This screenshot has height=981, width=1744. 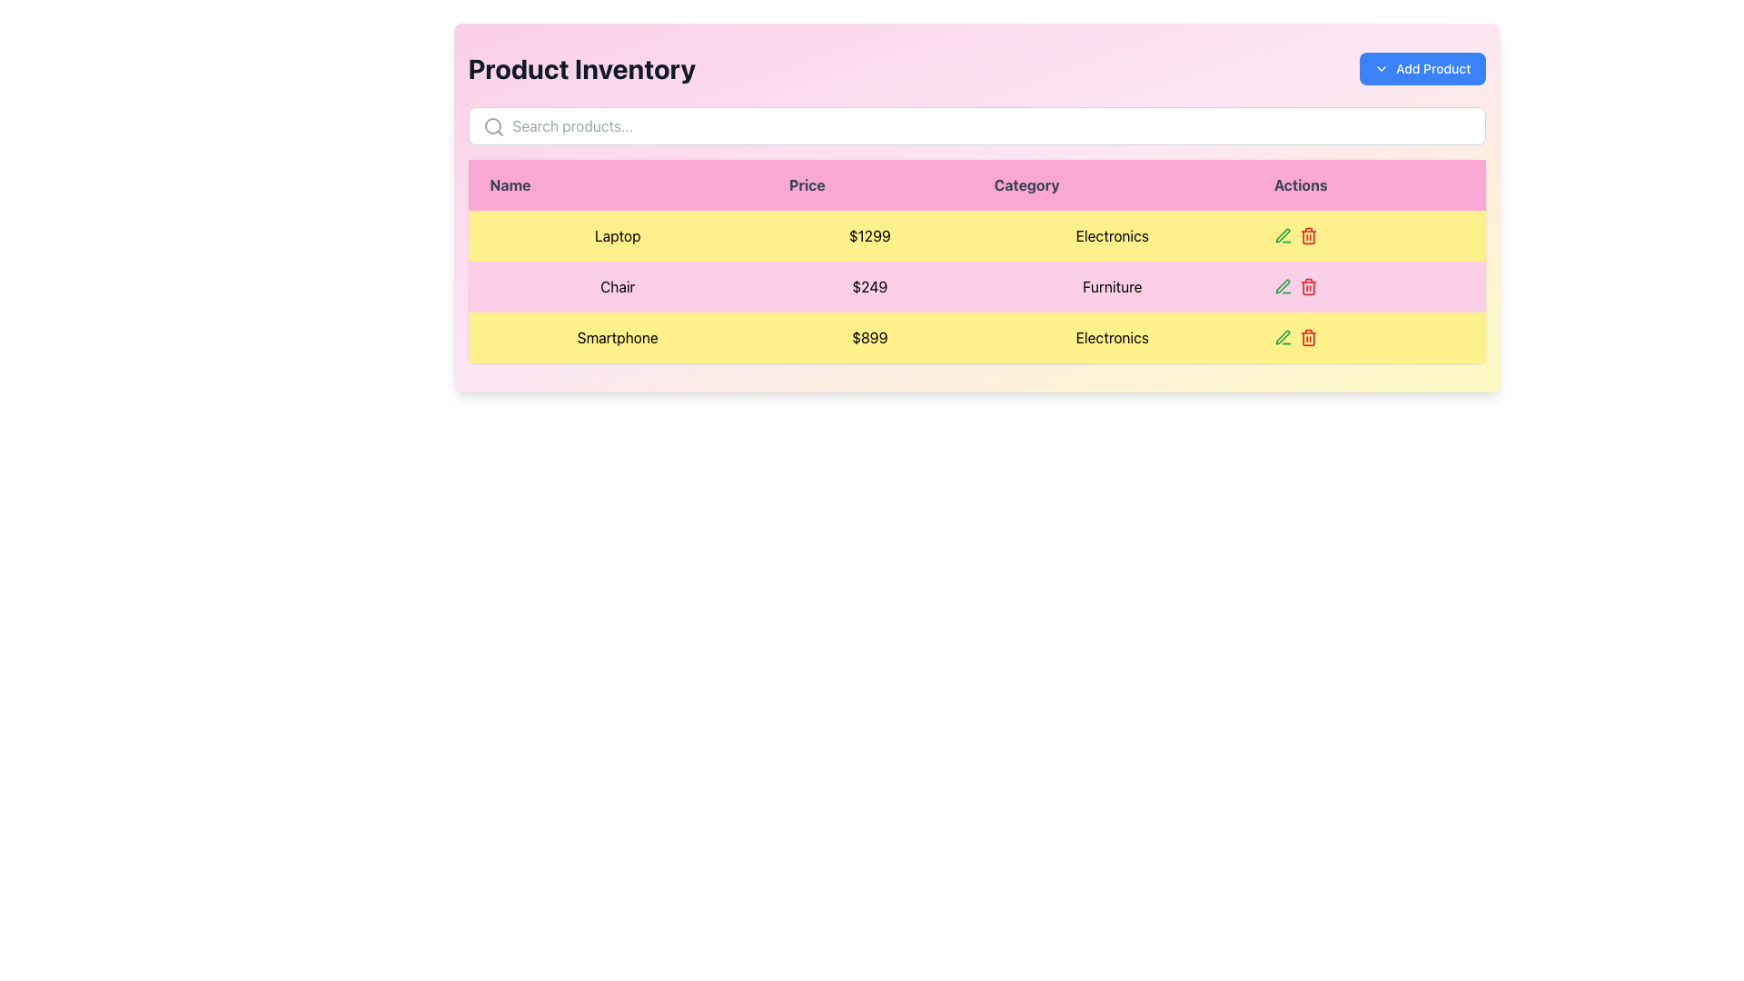 What do you see at coordinates (868, 234) in the screenshot?
I see `the price label displaying '$1299' in bold black text, located in the 'Price' column of the table, adjacent to the 'Laptop' entry` at bounding box center [868, 234].